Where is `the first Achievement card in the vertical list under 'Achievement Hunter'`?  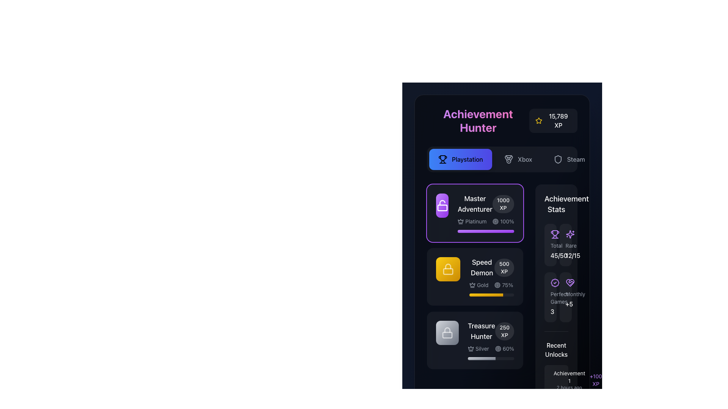
the first Achievement card in the vertical list under 'Achievement Hunter' is located at coordinates (474, 213).